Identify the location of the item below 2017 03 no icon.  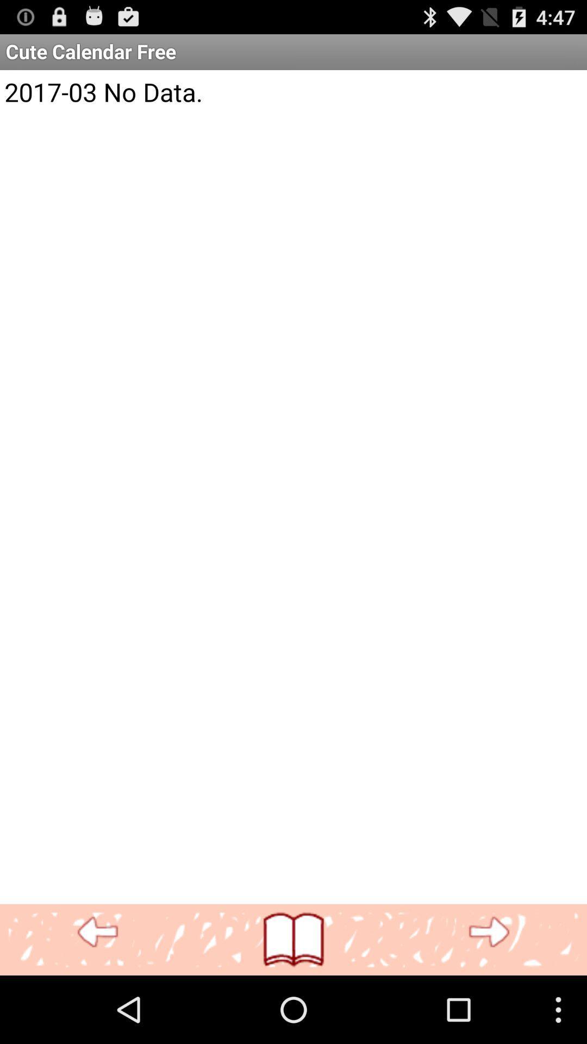
(488, 932).